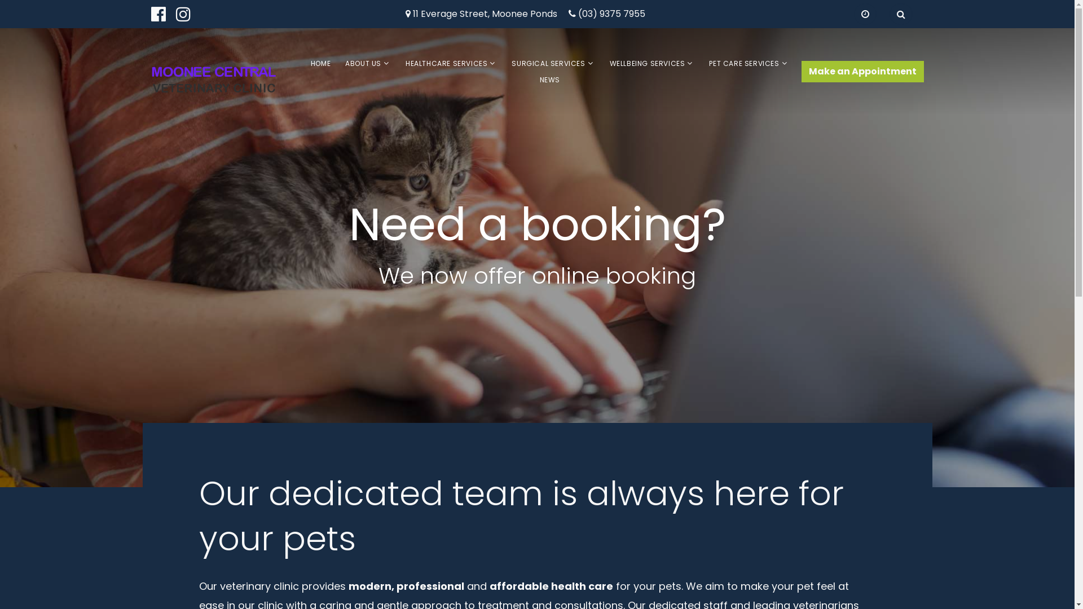 The height and width of the screenshot is (609, 1083). I want to click on 'ABOUT US', so click(363, 63).